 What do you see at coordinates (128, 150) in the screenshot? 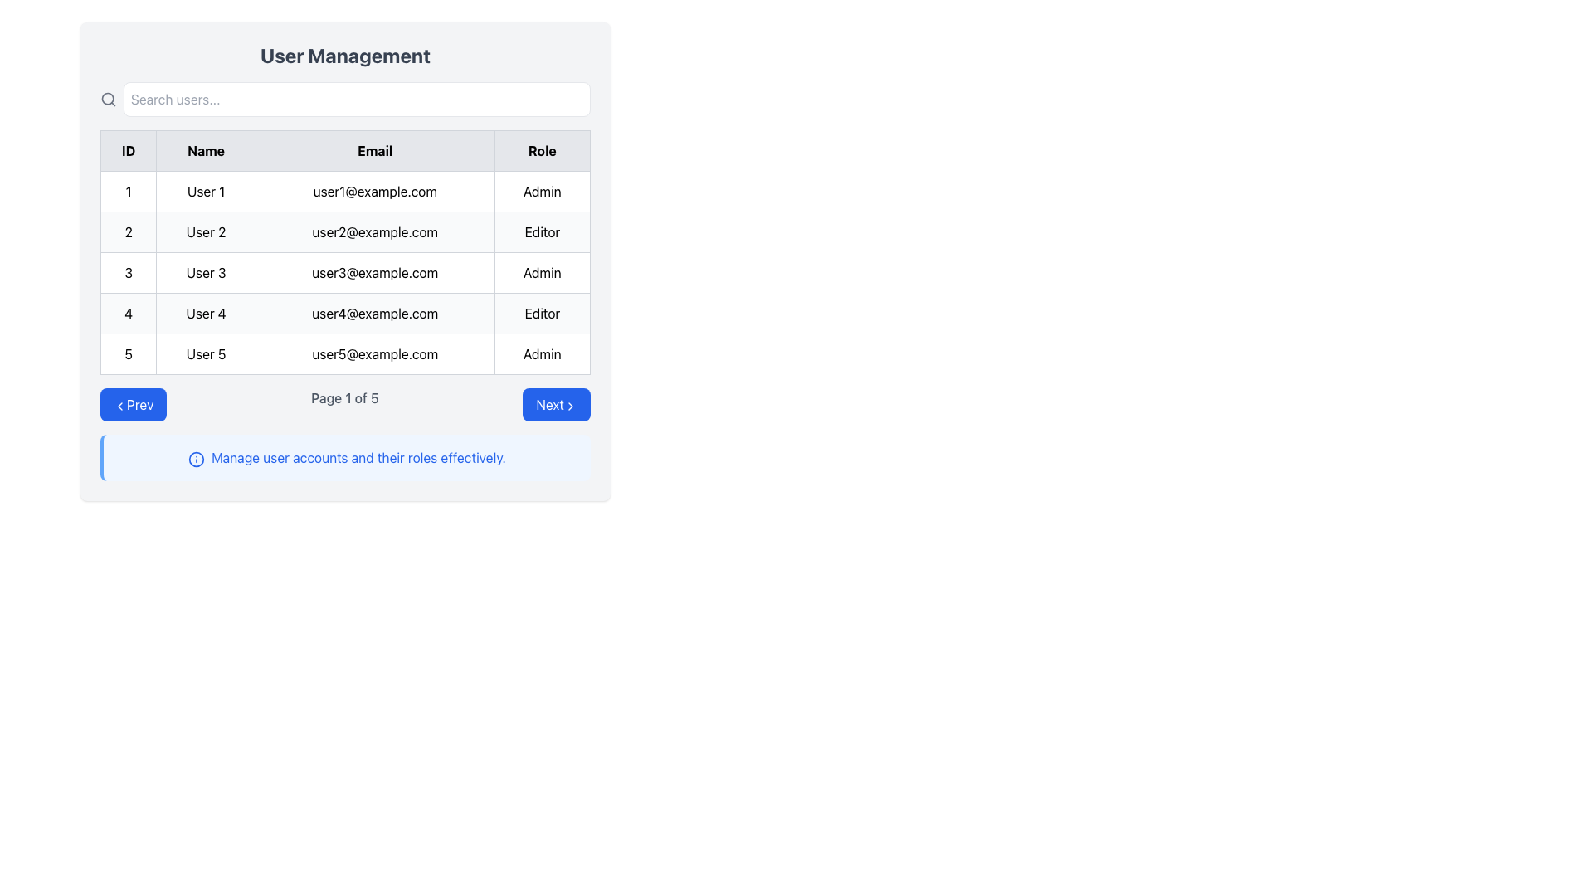
I see `the Table Header Cell labeled 'ID'` at bounding box center [128, 150].